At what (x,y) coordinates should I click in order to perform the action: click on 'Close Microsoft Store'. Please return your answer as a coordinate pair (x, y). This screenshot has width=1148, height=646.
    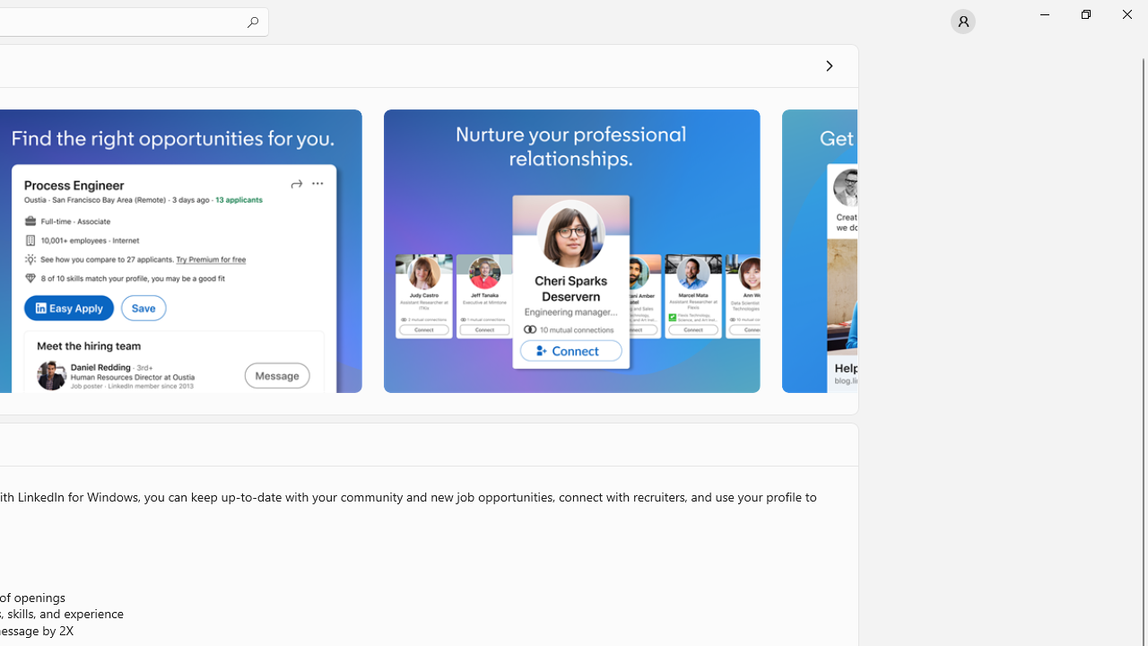
    Looking at the image, I should click on (1126, 13).